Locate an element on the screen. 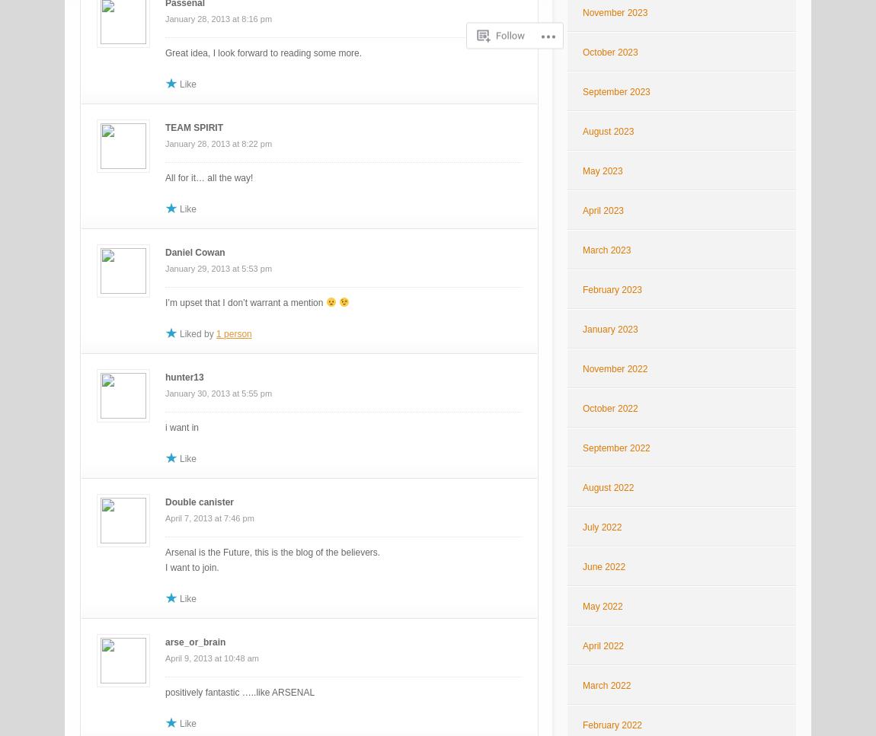 This screenshot has width=876, height=736. 'May 2023' is located at coordinates (601, 171).